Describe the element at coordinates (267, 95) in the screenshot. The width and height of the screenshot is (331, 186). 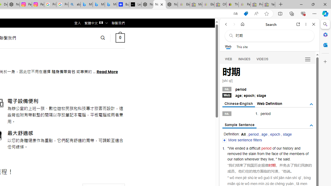
I see `'Webage; epoch; stage'` at that location.